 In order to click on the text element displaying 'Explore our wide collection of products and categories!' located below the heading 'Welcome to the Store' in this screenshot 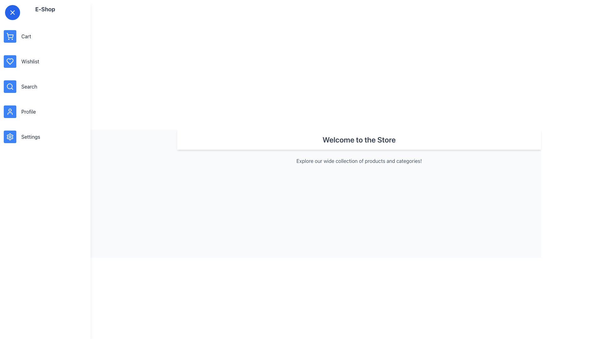, I will do `click(359, 161)`.